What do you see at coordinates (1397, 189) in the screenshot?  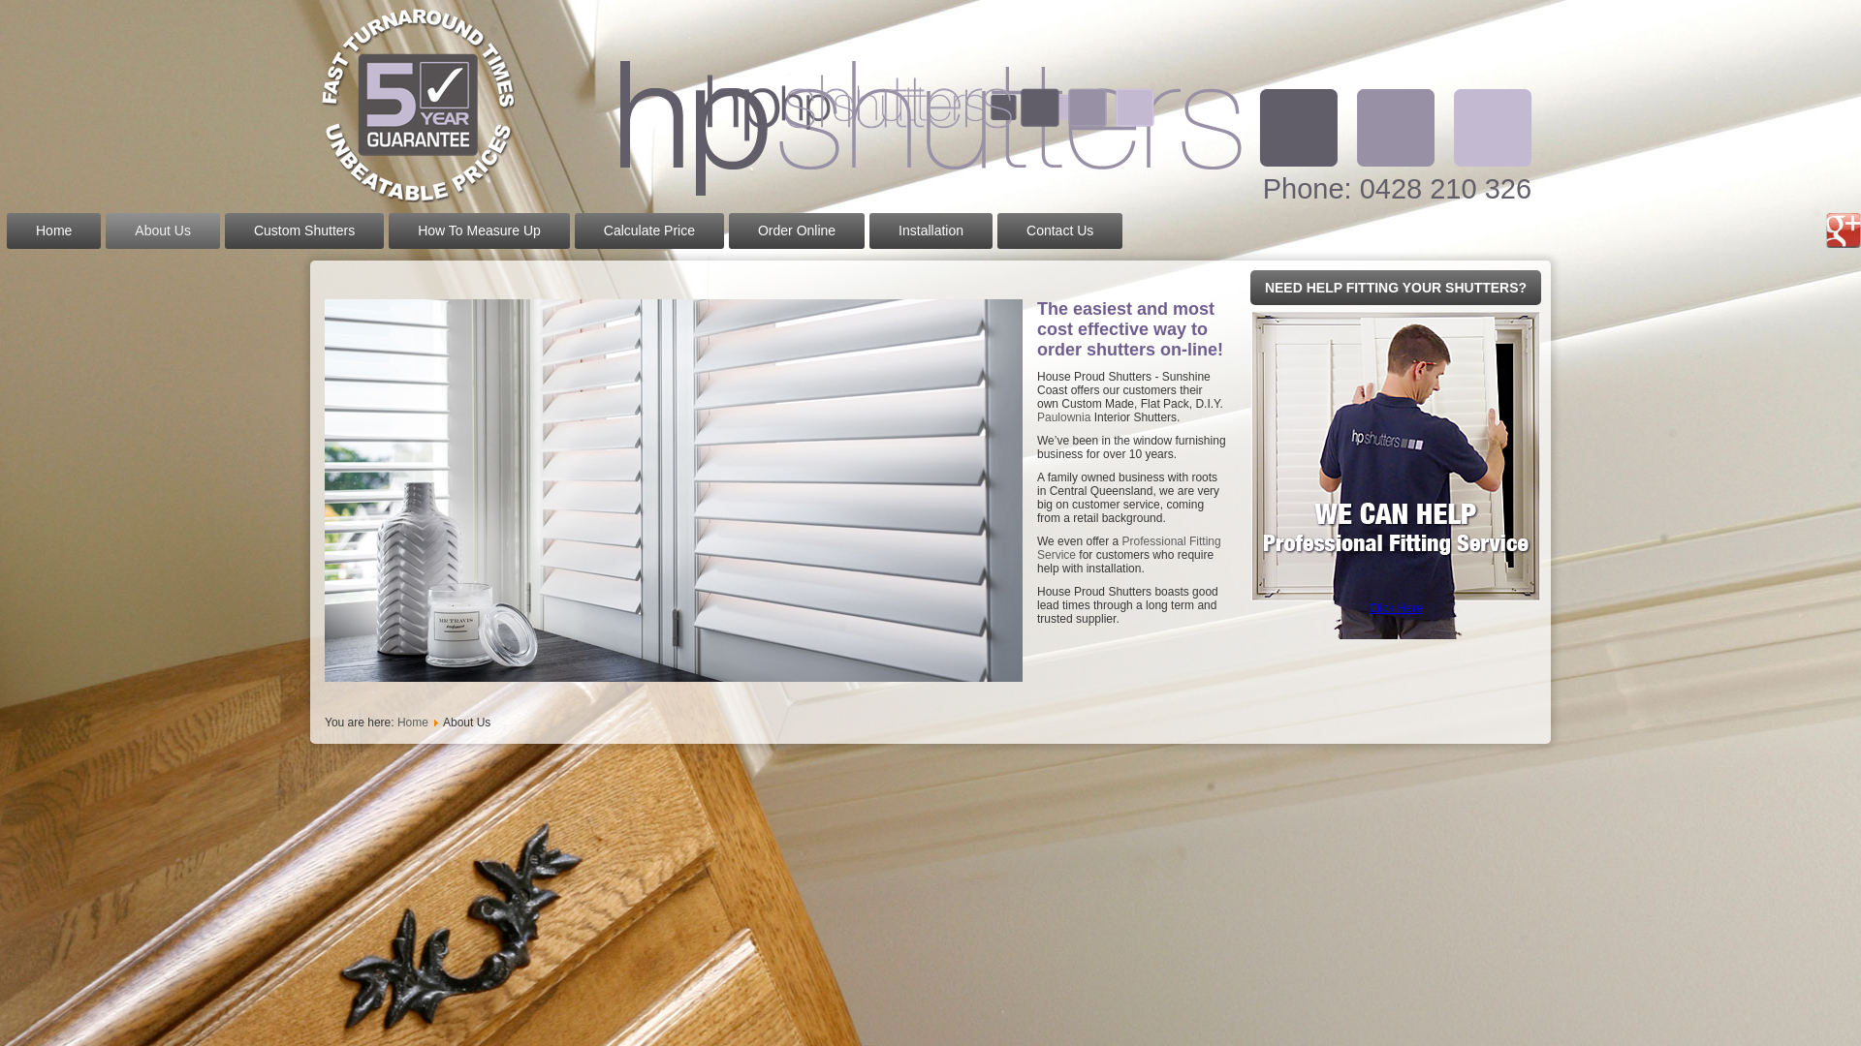 I see `'Phone: 0428 210 326'` at bounding box center [1397, 189].